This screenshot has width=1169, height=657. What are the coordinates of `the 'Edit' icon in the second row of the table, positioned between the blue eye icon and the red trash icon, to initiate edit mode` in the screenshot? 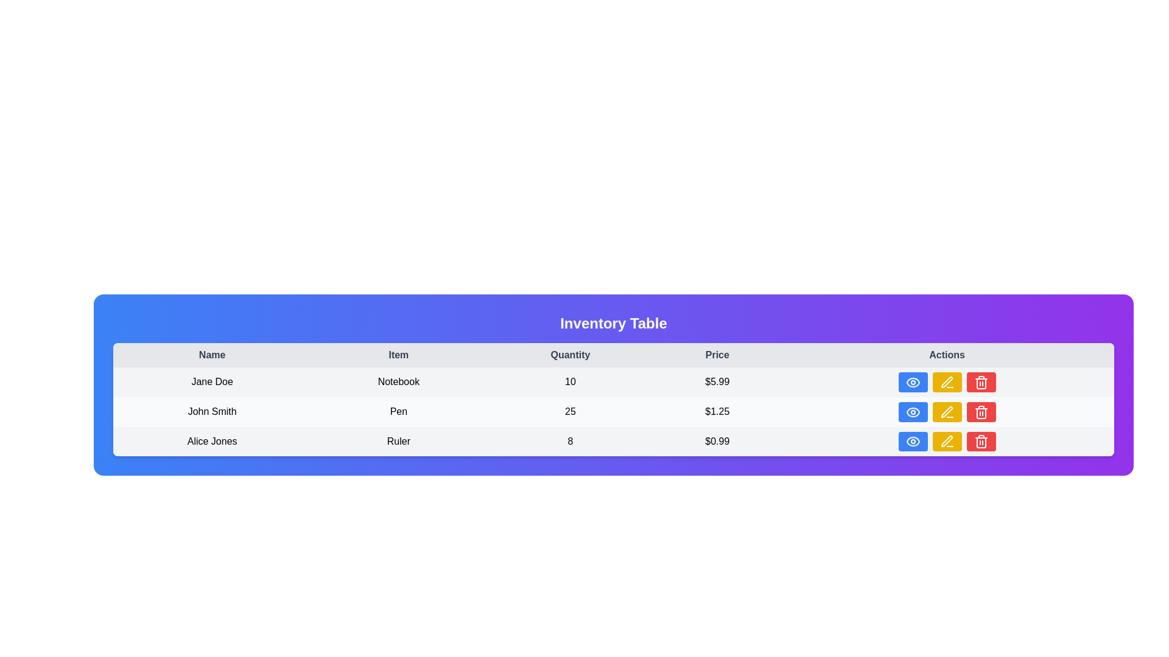 It's located at (946, 411).